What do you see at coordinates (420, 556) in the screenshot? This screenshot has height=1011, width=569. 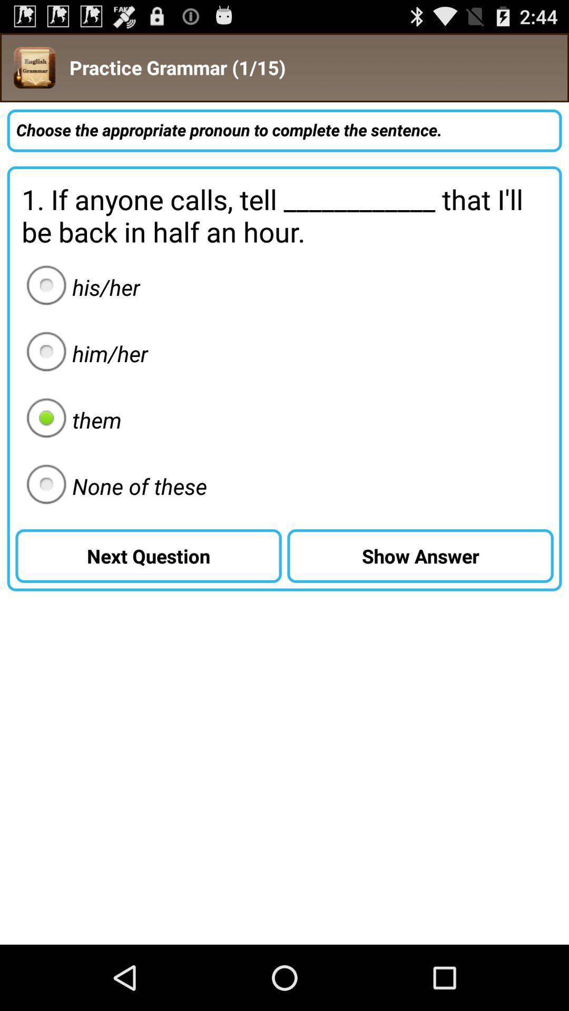 I see `the show answer item` at bounding box center [420, 556].